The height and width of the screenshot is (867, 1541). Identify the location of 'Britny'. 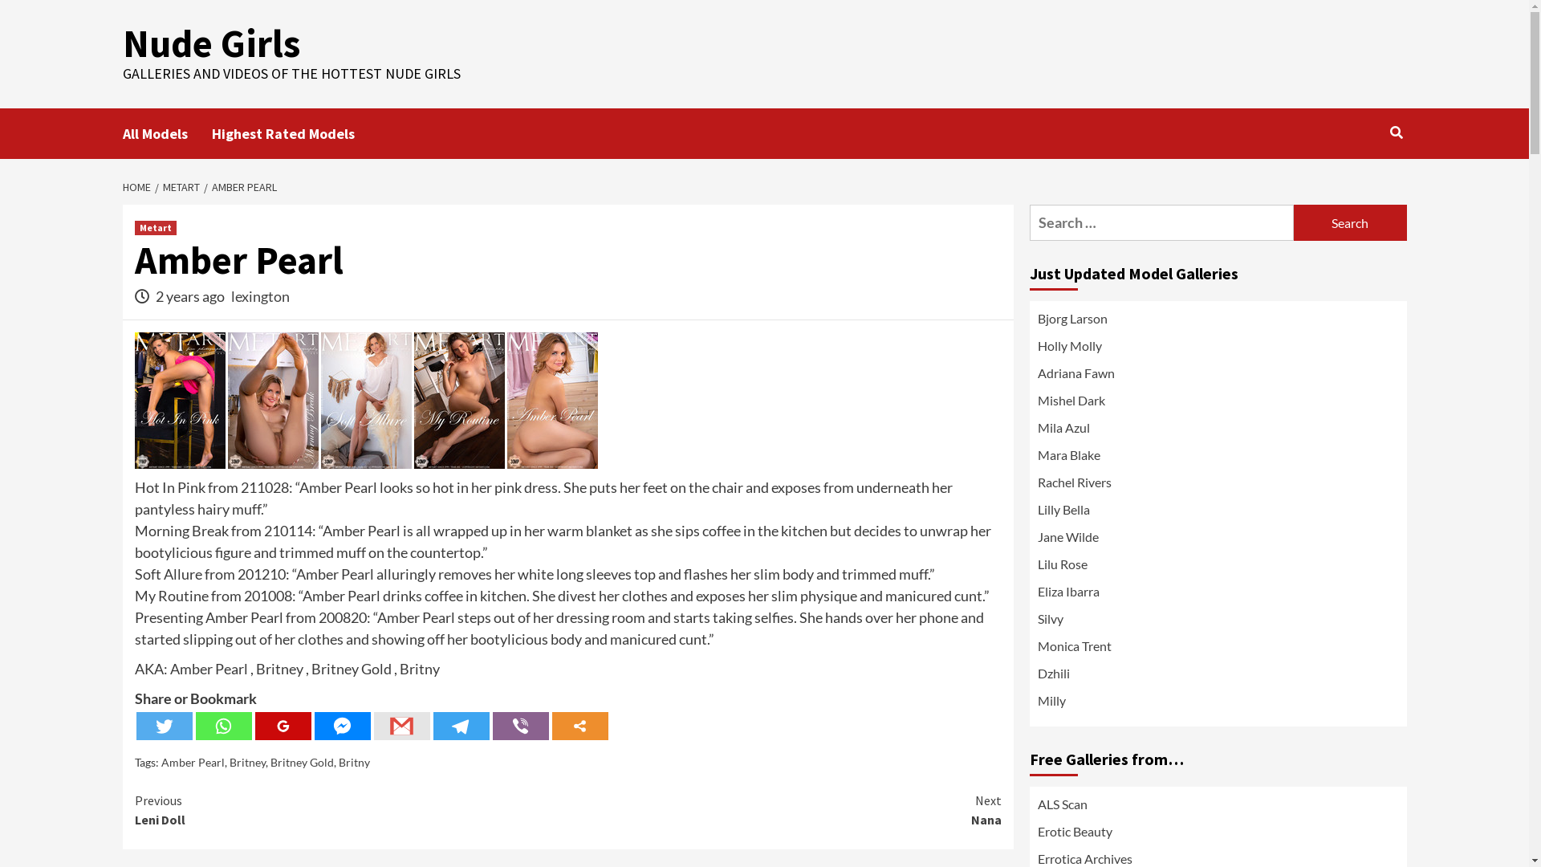
(353, 761).